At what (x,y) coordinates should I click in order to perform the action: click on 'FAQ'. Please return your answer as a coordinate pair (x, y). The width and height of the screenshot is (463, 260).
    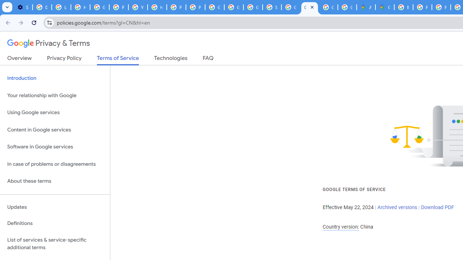
    Looking at the image, I should click on (208, 59).